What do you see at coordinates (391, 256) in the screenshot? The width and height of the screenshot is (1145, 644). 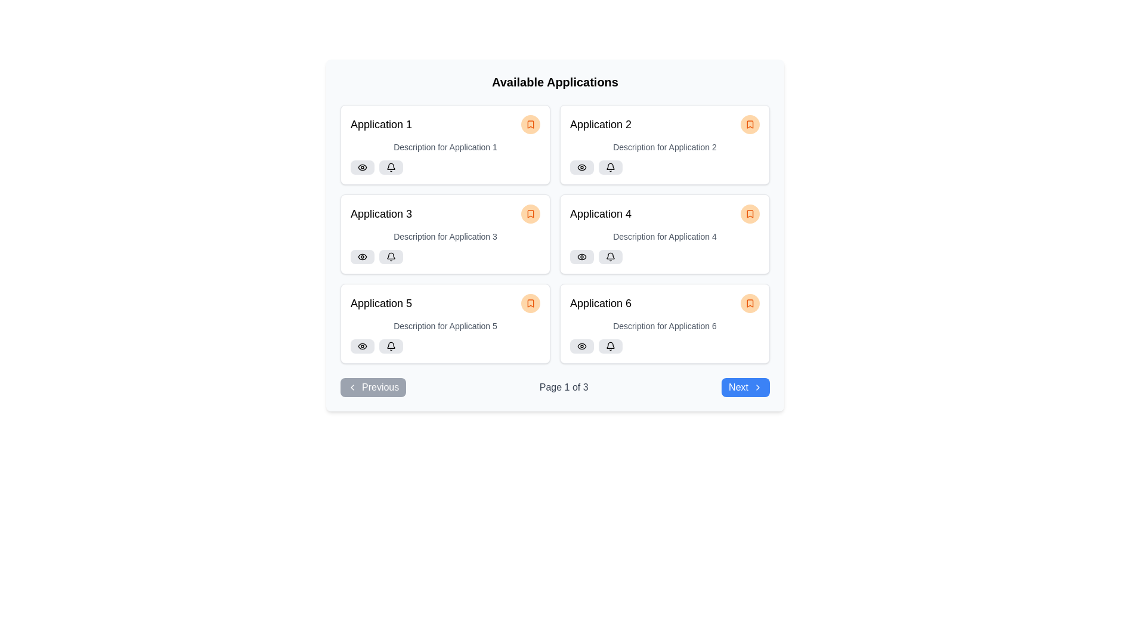 I see `the circular bell icon button, the second interactive element in the control area of the 'Application 3' card` at bounding box center [391, 256].